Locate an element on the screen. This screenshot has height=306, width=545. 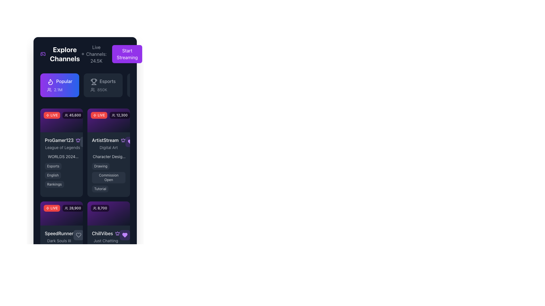
the button with a rounded rectangle shape, translucent purple background, and heart icon, located in the 'ArtistStream' card under 'Digital Art' is located at coordinates (130, 142).